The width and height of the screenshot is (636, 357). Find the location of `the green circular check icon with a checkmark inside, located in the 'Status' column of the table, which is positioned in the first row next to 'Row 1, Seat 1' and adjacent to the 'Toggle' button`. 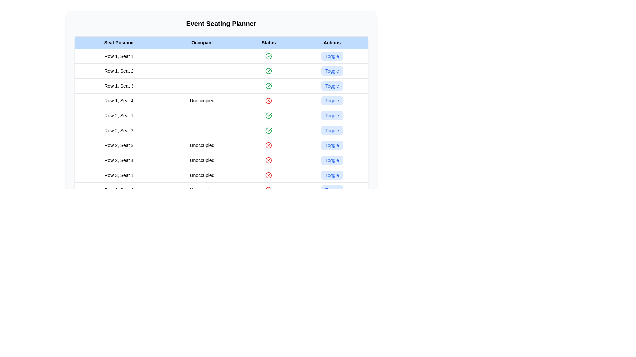

the green circular check icon with a checkmark inside, located in the 'Status' column of the table, which is positioned in the first row next to 'Row 1, Seat 1' and adjacent to the 'Toggle' button is located at coordinates (269, 56).